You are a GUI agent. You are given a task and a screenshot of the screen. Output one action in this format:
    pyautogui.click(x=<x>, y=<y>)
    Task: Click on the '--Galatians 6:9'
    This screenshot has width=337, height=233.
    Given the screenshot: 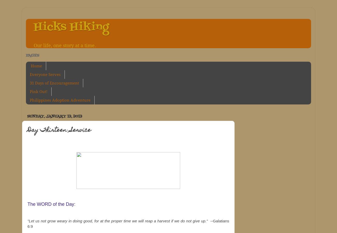 What is the action you would take?
    pyautogui.click(x=27, y=224)
    